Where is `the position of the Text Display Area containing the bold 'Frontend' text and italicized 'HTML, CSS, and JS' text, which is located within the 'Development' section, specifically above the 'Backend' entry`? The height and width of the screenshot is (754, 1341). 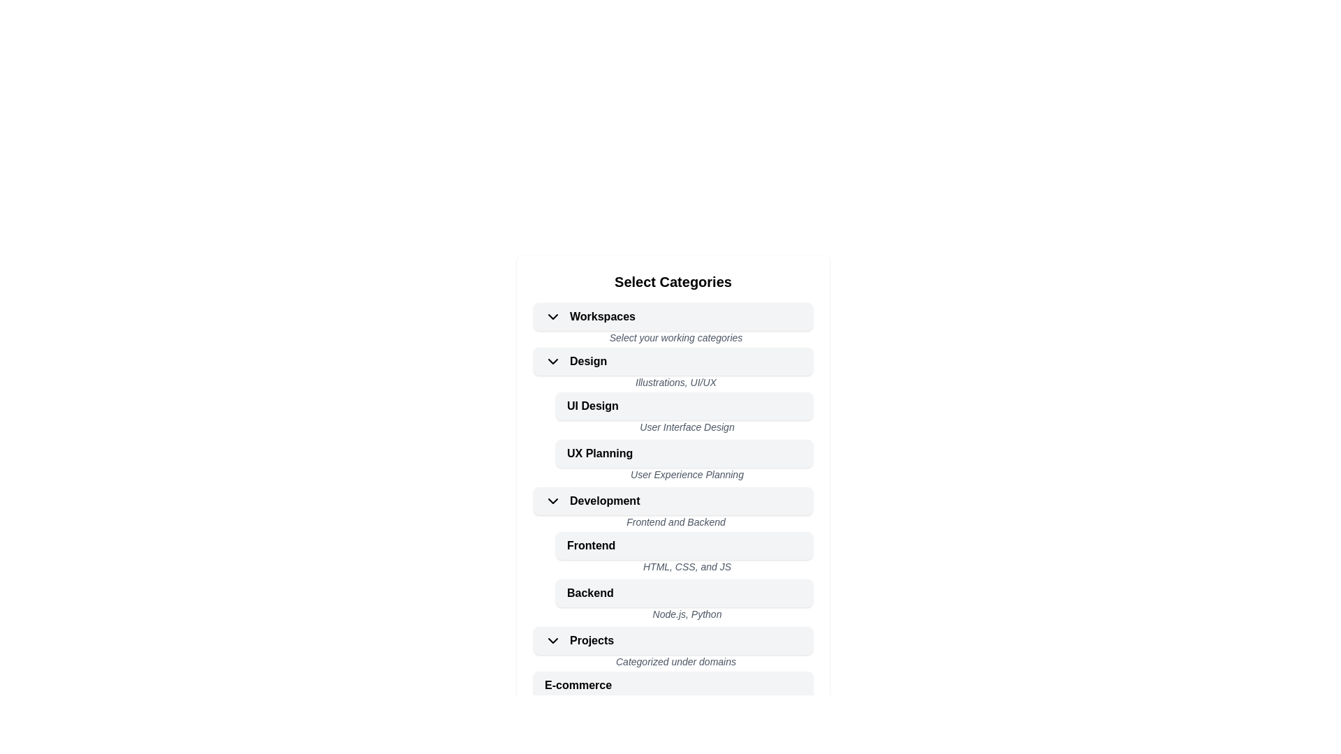
the position of the Text Display Area containing the bold 'Frontend' text and italicized 'HTML, CSS, and JS' text, which is located within the 'Development' section, specifically above the 'Backend' entry is located at coordinates (673, 554).